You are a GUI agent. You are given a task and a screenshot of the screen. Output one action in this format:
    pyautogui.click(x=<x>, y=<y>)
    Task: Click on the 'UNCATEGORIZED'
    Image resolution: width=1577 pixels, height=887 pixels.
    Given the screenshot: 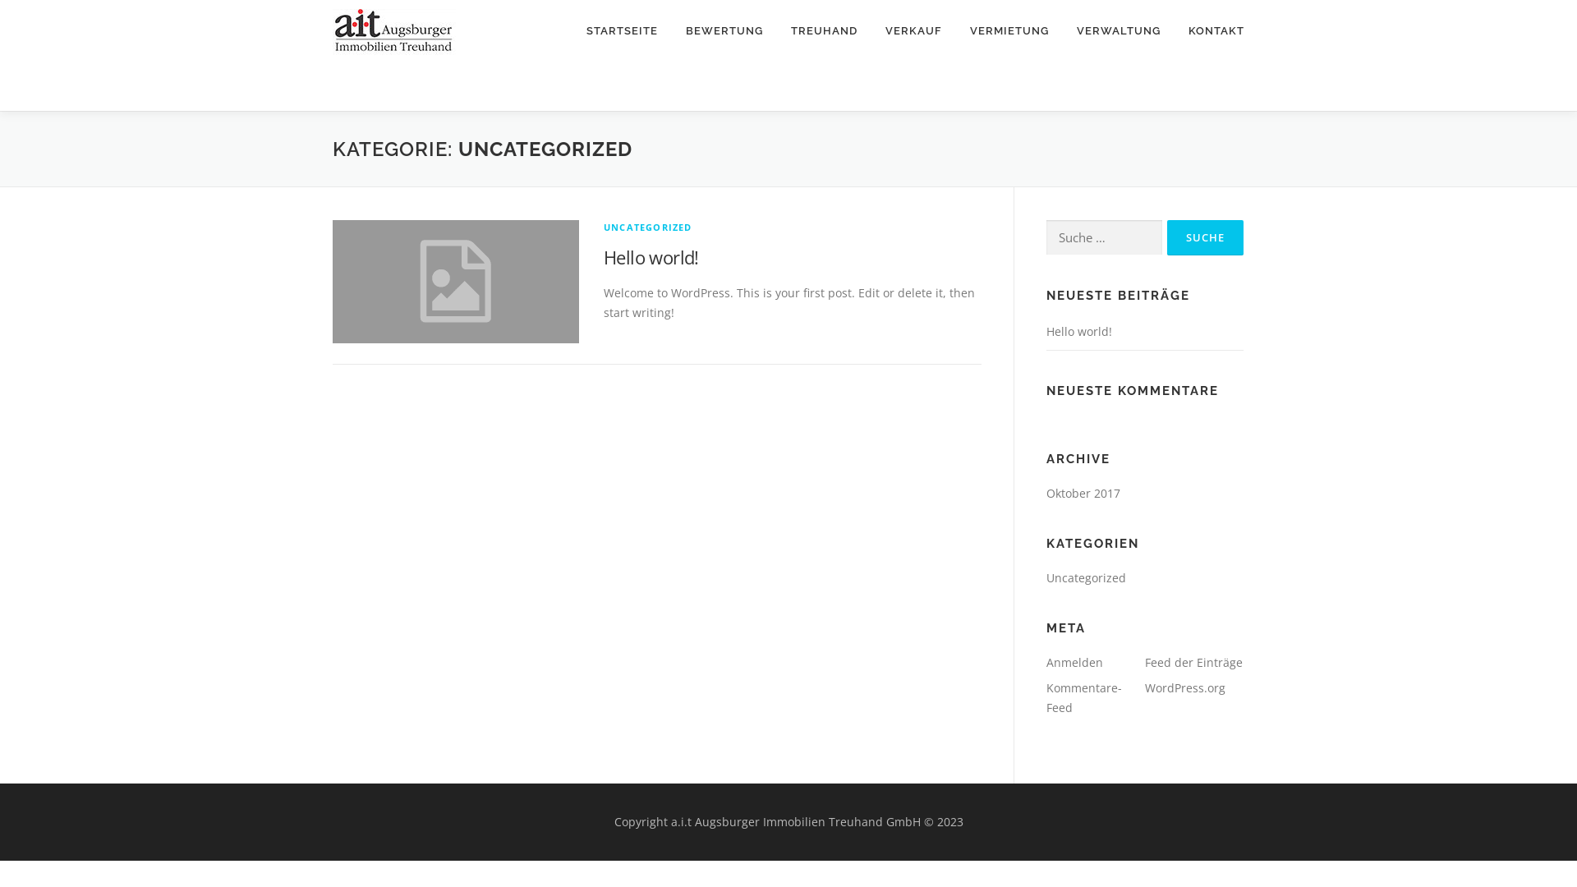 What is the action you would take?
    pyautogui.click(x=646, y=227)
    